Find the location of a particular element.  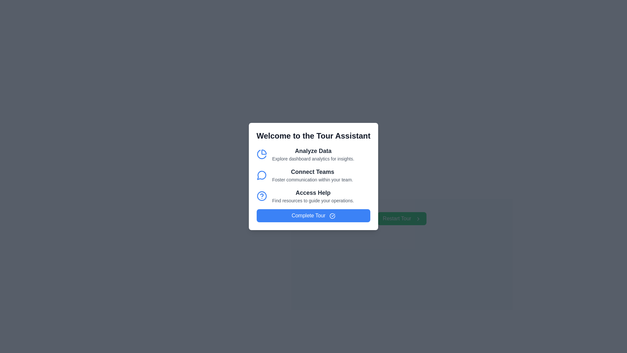

the vector graphic segment within the 'Complete Tour' button at the bottom of the modal dialog box, which is styled as a minimalistic icon adjacent to the text 'Complete Tour' is located at coordinates (332, 216).